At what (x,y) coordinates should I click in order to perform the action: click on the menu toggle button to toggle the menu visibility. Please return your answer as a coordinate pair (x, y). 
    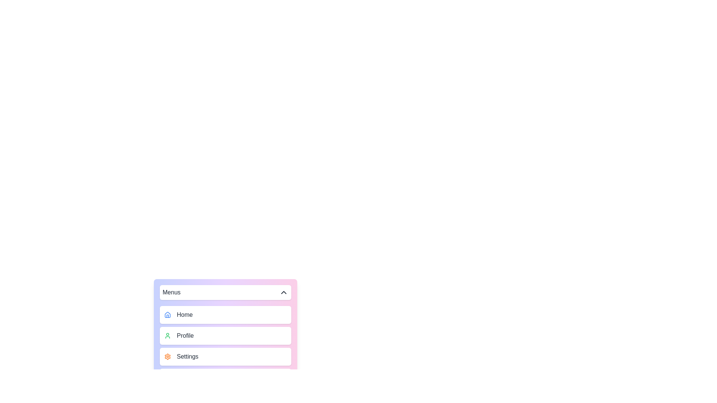
    Looking at the image, I should click on (225, 292).